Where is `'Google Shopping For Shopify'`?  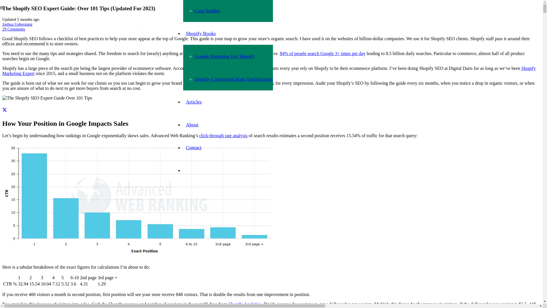 'Google Shopping For Shopify' is located at coordinates (224, 56).